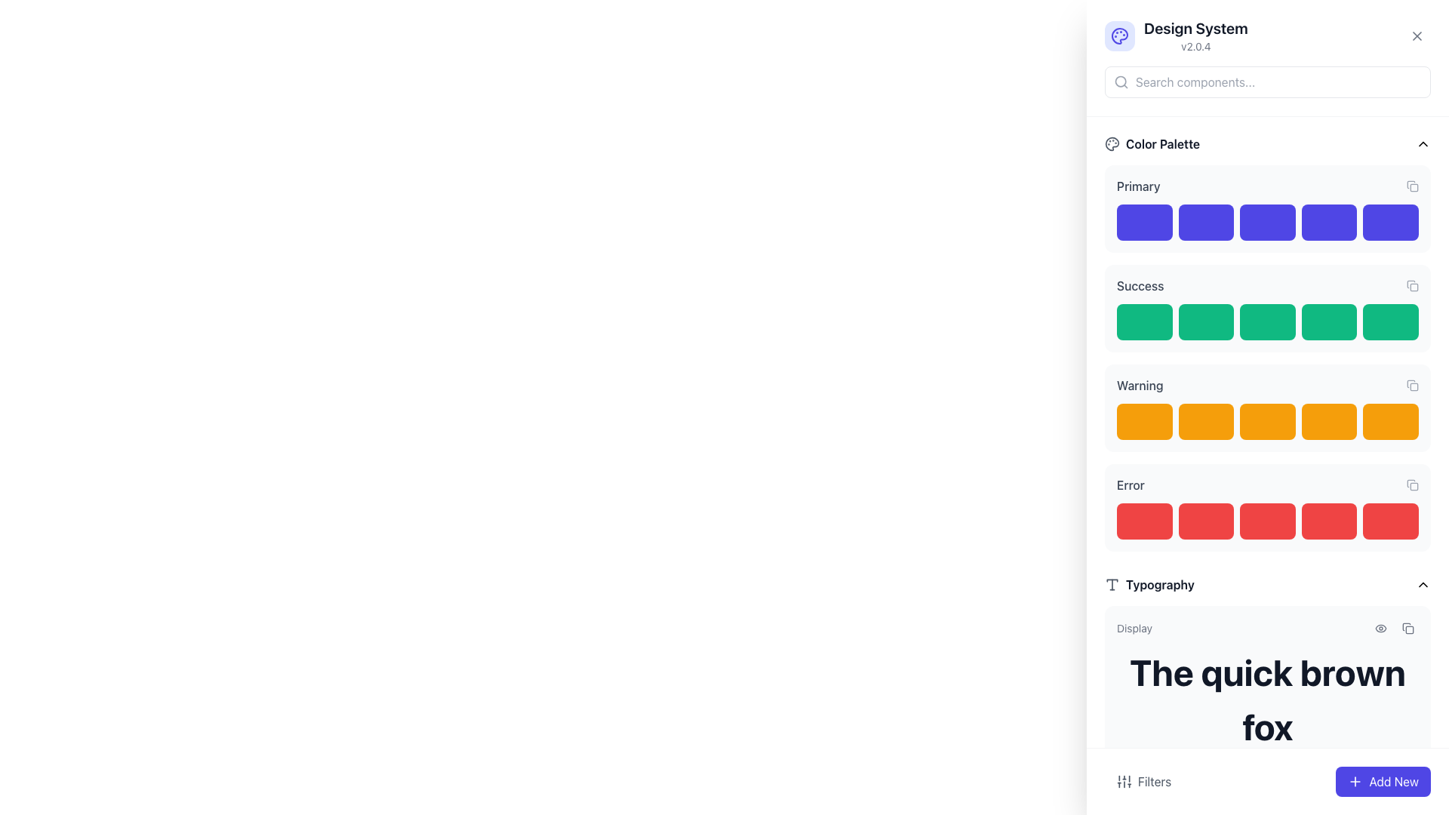  I want to click on the second button in the top-right section of the interface, so click(1407, 629).